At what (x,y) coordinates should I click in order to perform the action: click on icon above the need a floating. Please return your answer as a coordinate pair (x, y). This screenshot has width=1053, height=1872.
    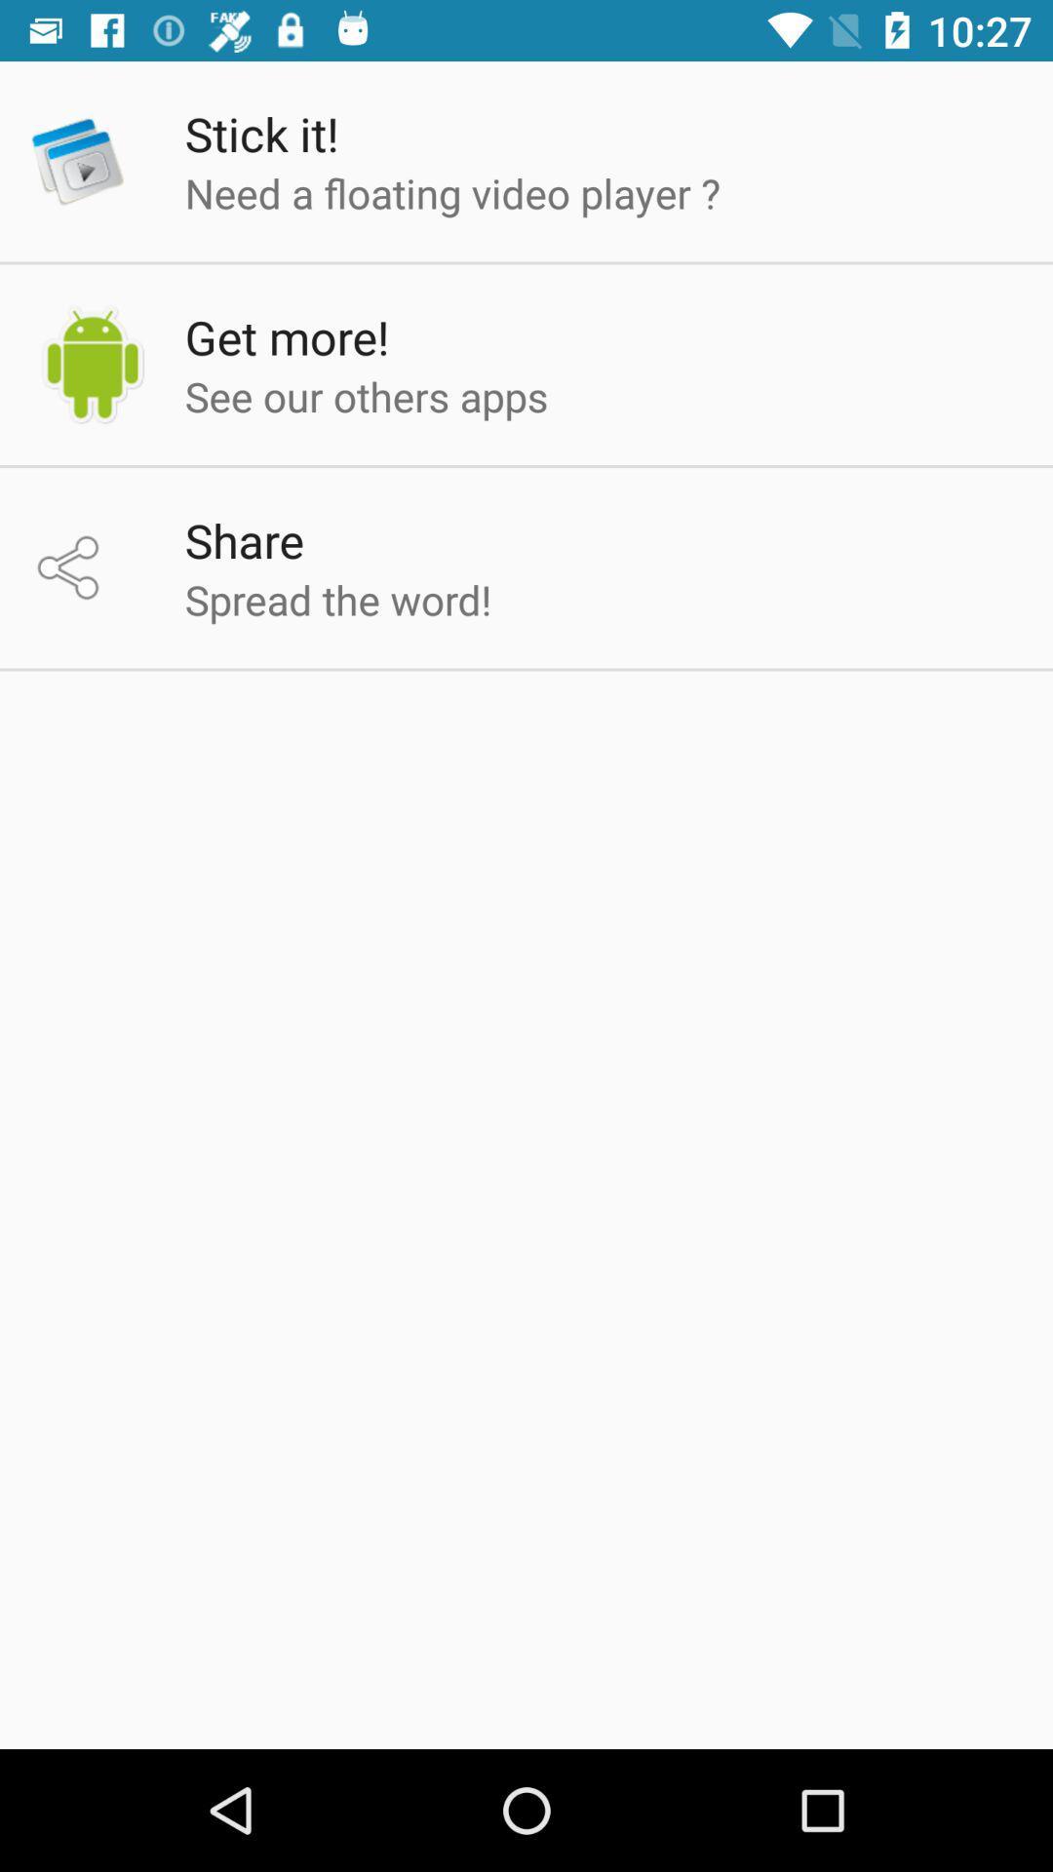
    Looking at the image, I should click on (260, 133).